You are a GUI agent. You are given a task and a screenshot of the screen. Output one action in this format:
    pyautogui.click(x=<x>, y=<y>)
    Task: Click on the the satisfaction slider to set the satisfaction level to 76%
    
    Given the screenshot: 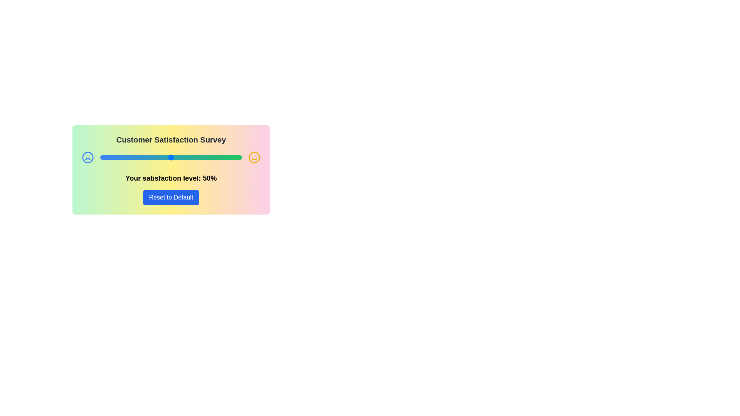 What is the action you would take?
    pyautogui.click(x=208, y=157)
    